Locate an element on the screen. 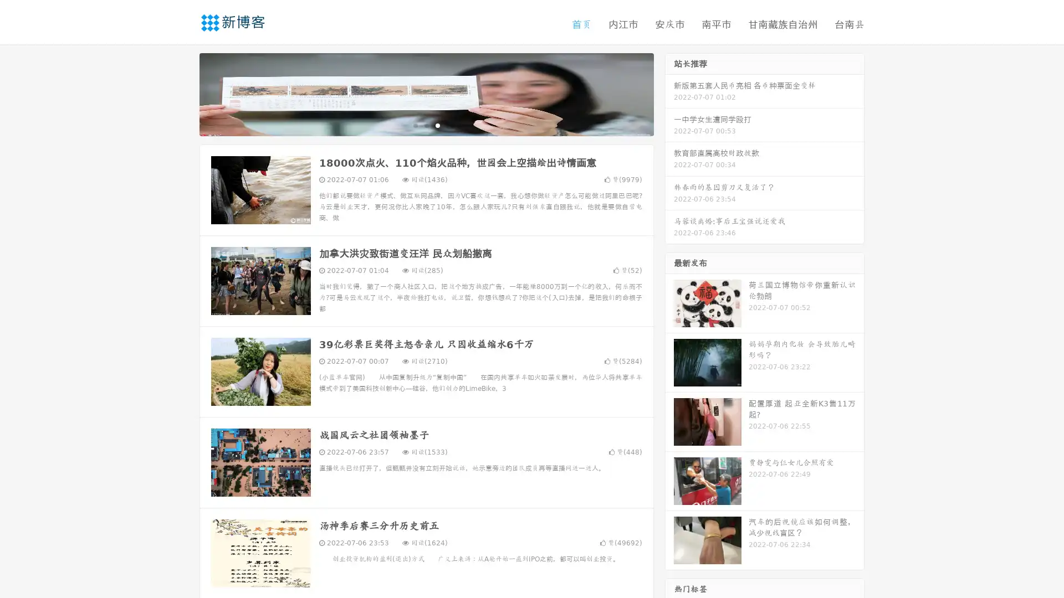  Next slide is located at coordinates (669, 93).